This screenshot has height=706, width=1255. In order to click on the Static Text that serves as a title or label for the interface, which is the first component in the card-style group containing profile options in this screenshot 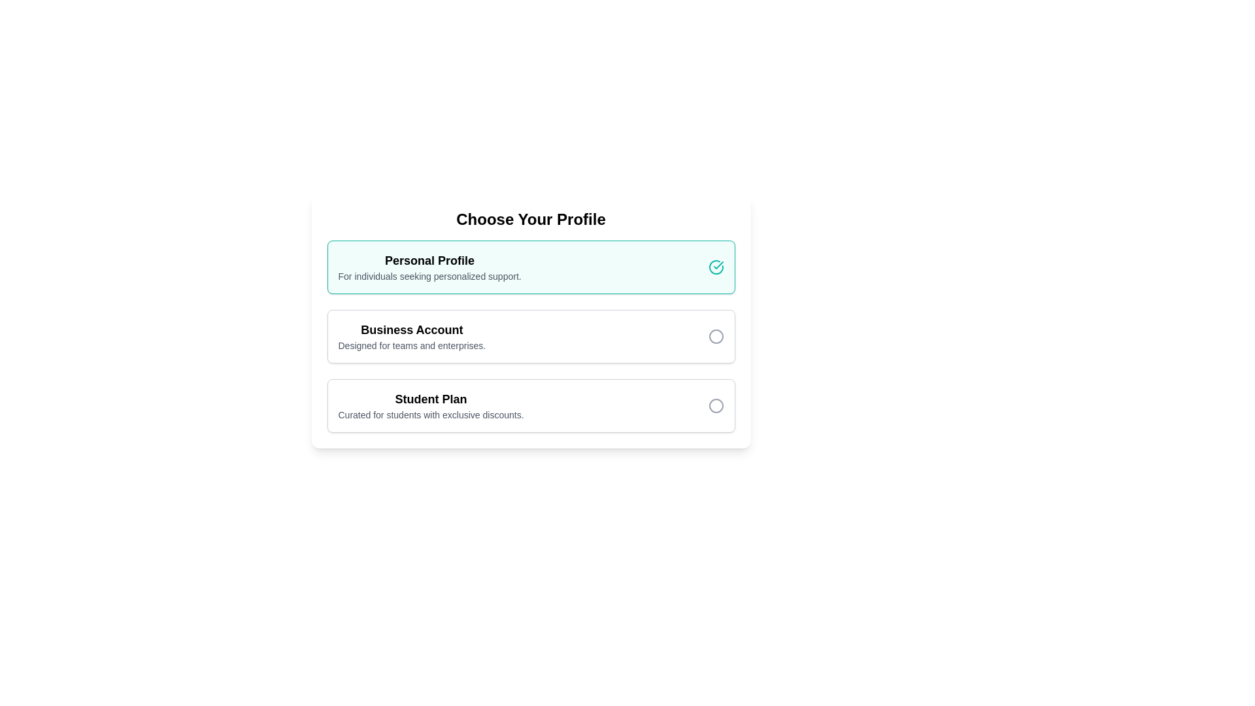, I will do `click(531, 218)`.